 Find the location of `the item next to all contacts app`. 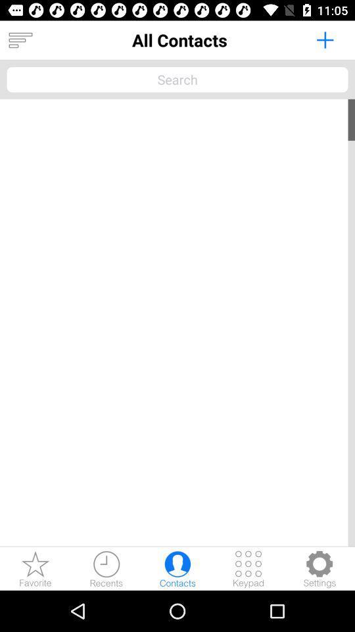

the item next to all contacts app is located at coordinates (324, 39).